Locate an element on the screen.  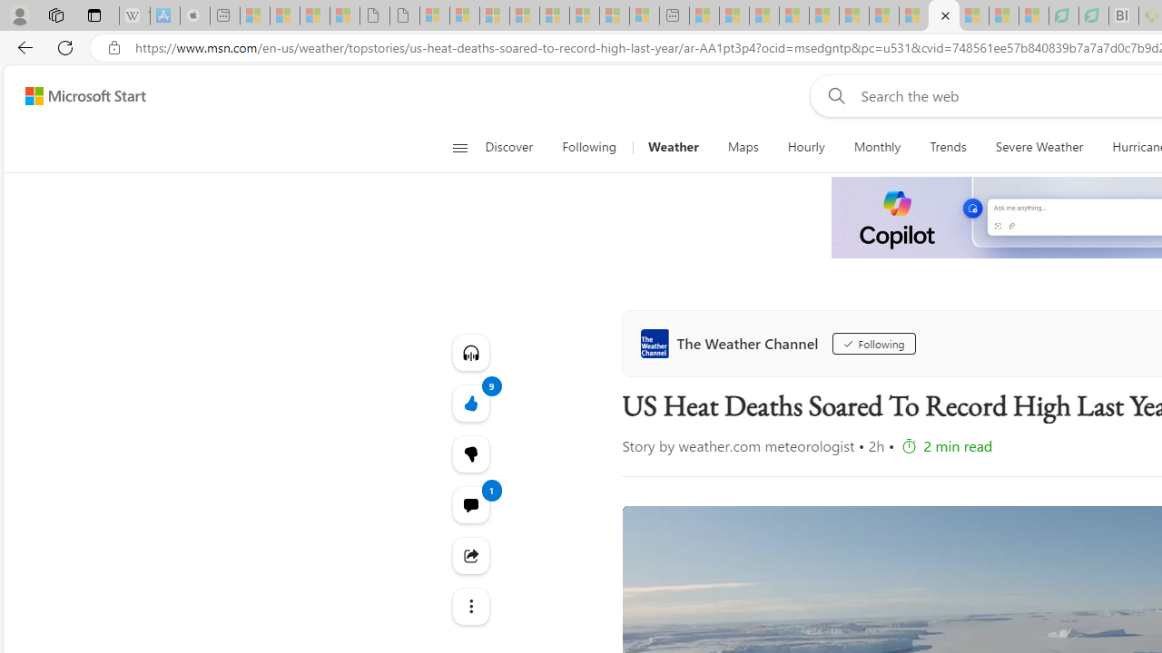
'View comments 1 Comment' is located at coordinates (470, 504).